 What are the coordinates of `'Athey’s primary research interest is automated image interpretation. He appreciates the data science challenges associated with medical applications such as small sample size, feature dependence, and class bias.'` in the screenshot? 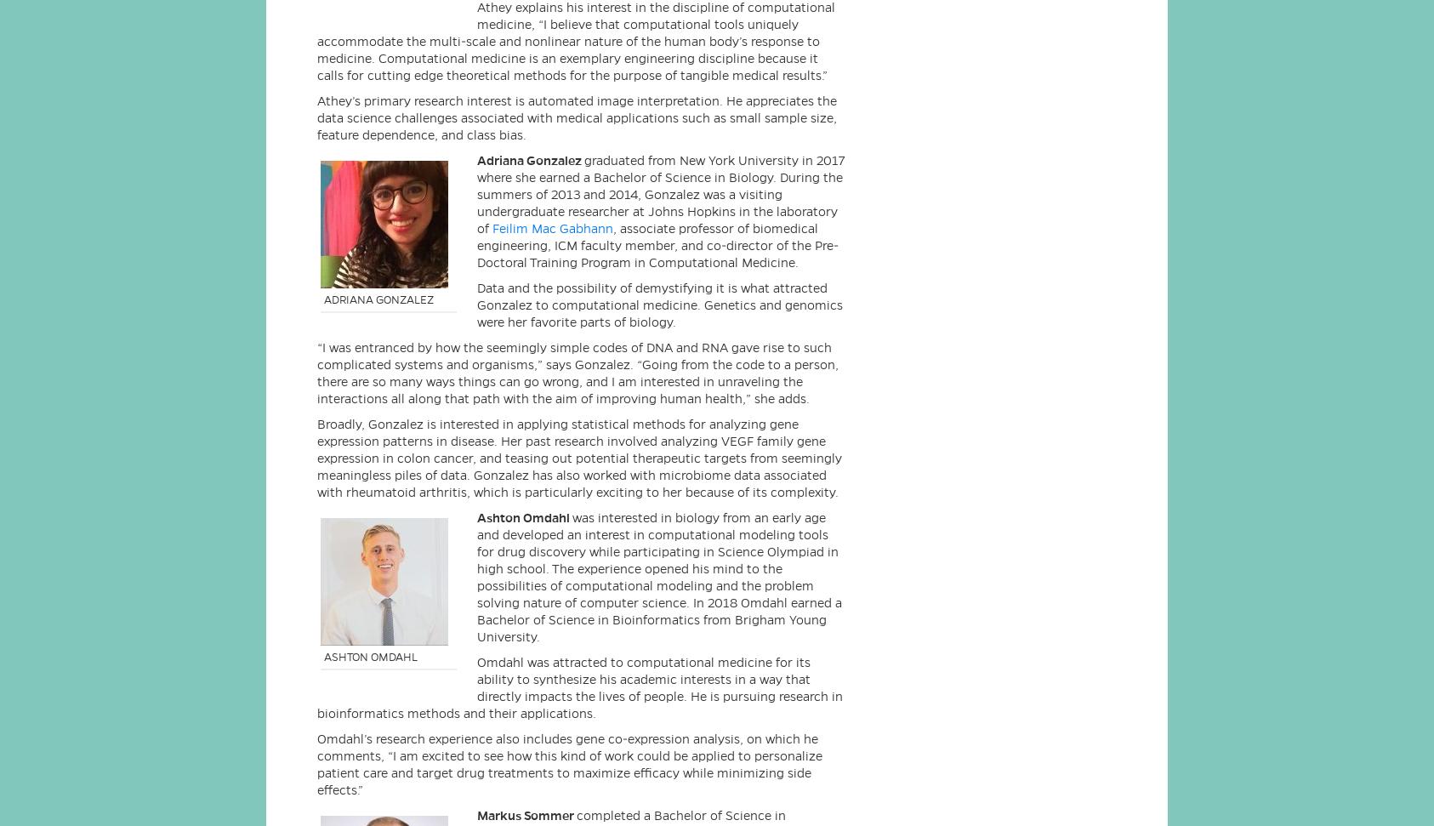 It's located at (576, 117).